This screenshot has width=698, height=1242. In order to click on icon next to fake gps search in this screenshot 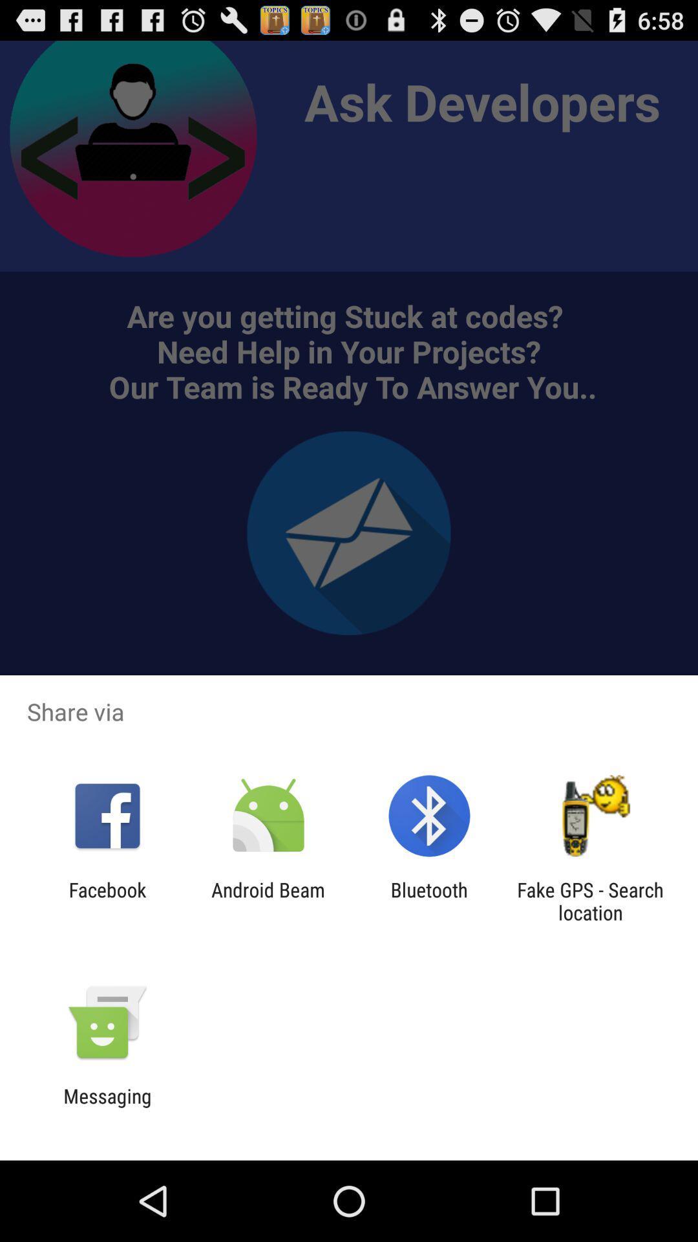, I will do `click(429, 900)`.